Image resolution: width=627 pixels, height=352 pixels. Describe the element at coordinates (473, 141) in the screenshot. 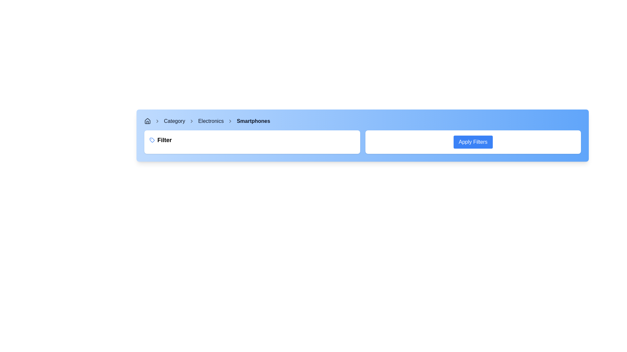

I see `the 'Apply Filters' button located at the top-right area of the interface, next to a similar styled component related to filters, to apply the selected filters` at that location.